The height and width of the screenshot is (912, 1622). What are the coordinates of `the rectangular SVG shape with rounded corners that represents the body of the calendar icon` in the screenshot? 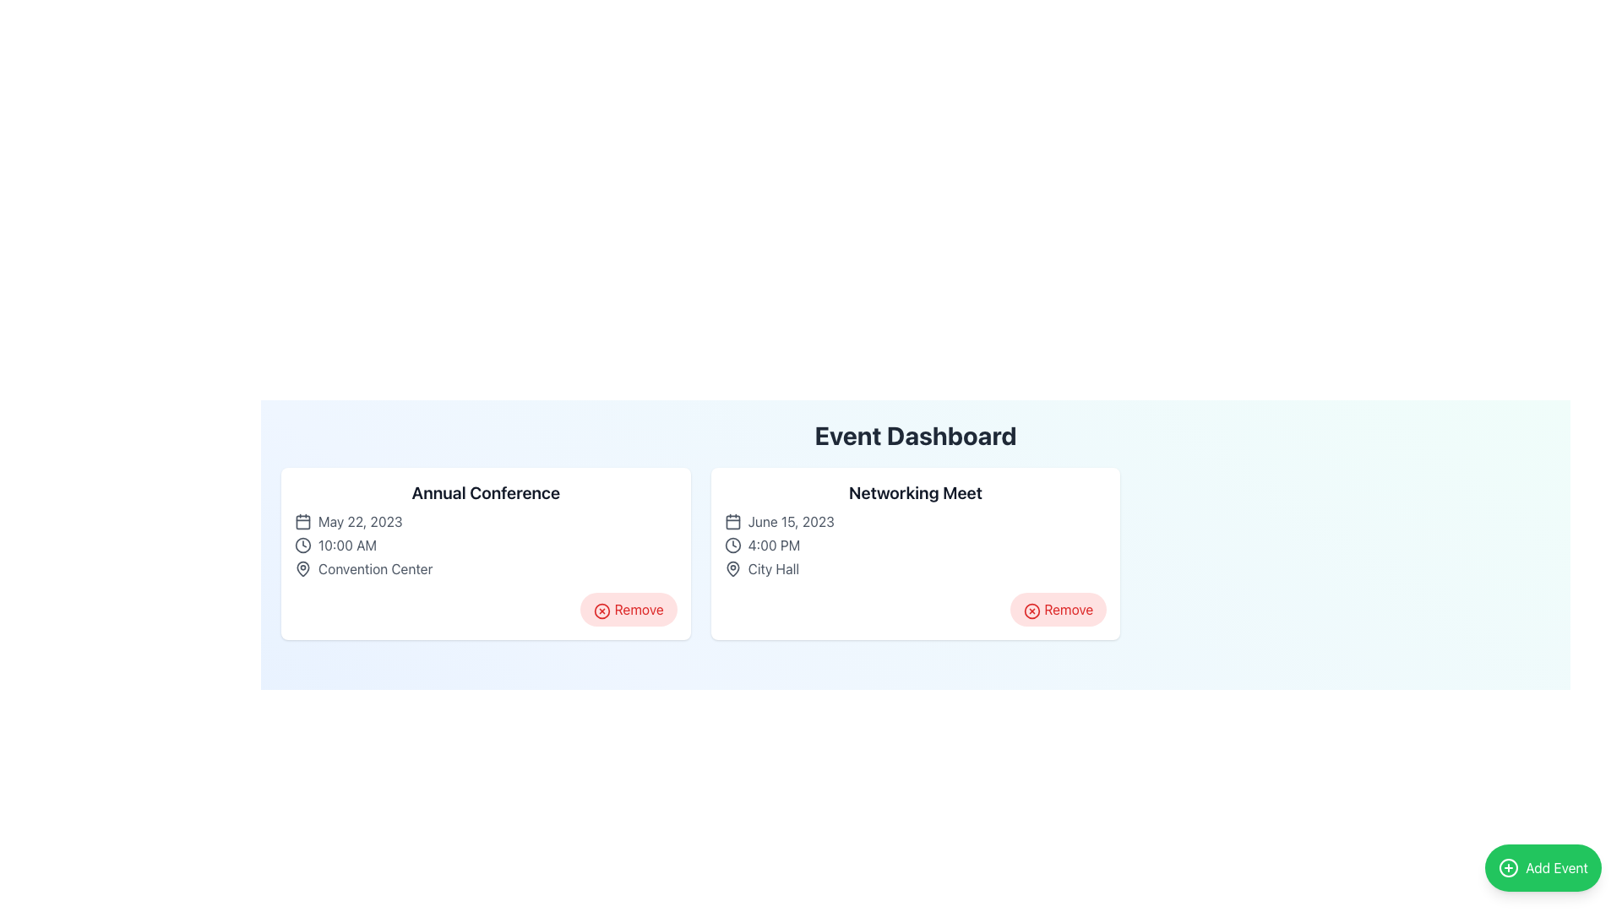 It's located at (732, 521).